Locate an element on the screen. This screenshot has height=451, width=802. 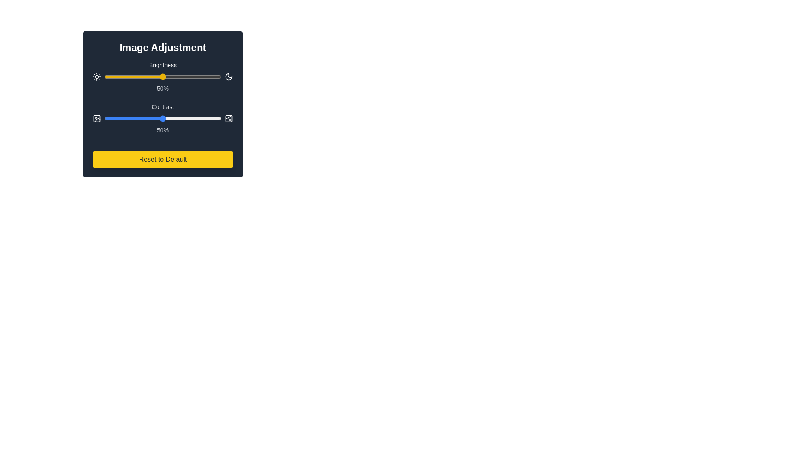
the reset button located at the bottom of the 'Image Adjustment' modal to reset all image adjustment settings to their default values is located at coordinates (162, 159).